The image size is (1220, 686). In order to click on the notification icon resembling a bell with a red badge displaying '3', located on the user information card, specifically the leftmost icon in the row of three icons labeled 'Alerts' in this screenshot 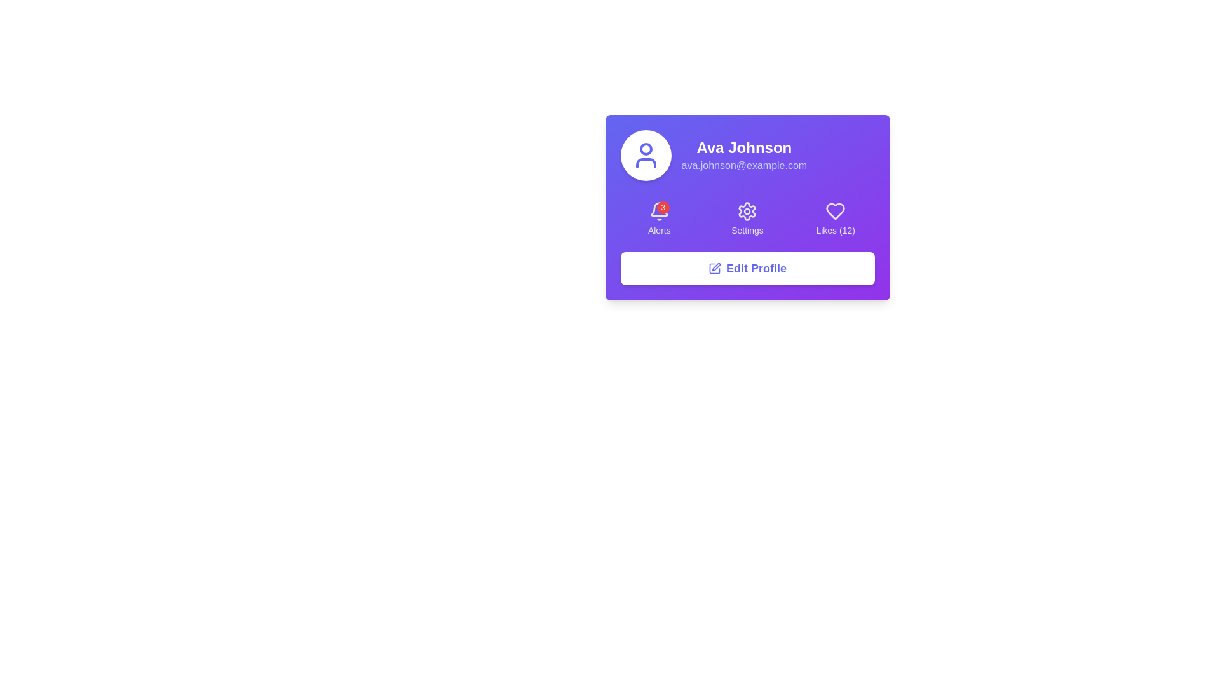, I will do `click(659, 210)`.